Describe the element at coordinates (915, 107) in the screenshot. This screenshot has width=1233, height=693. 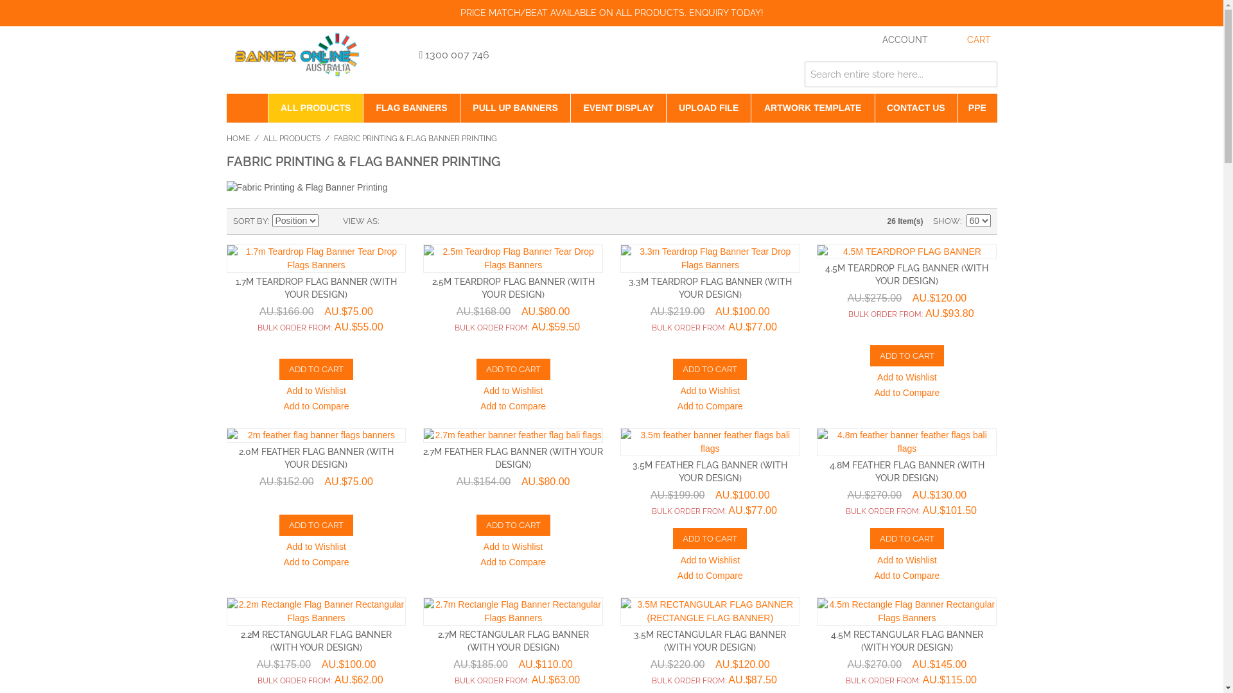
I see `'CONTACT US'` at that location.